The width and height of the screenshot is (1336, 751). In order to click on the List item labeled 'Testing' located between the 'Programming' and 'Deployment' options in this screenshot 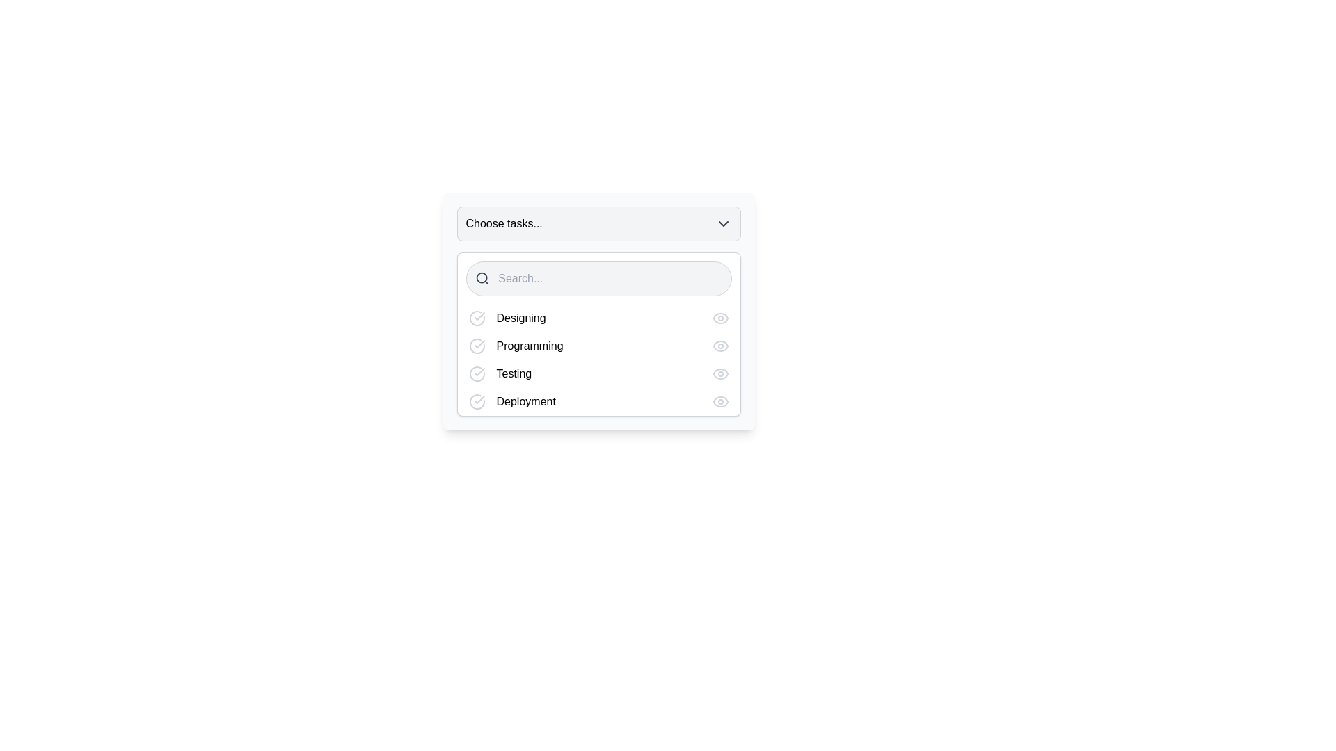, I will do `click(598, 373)`.